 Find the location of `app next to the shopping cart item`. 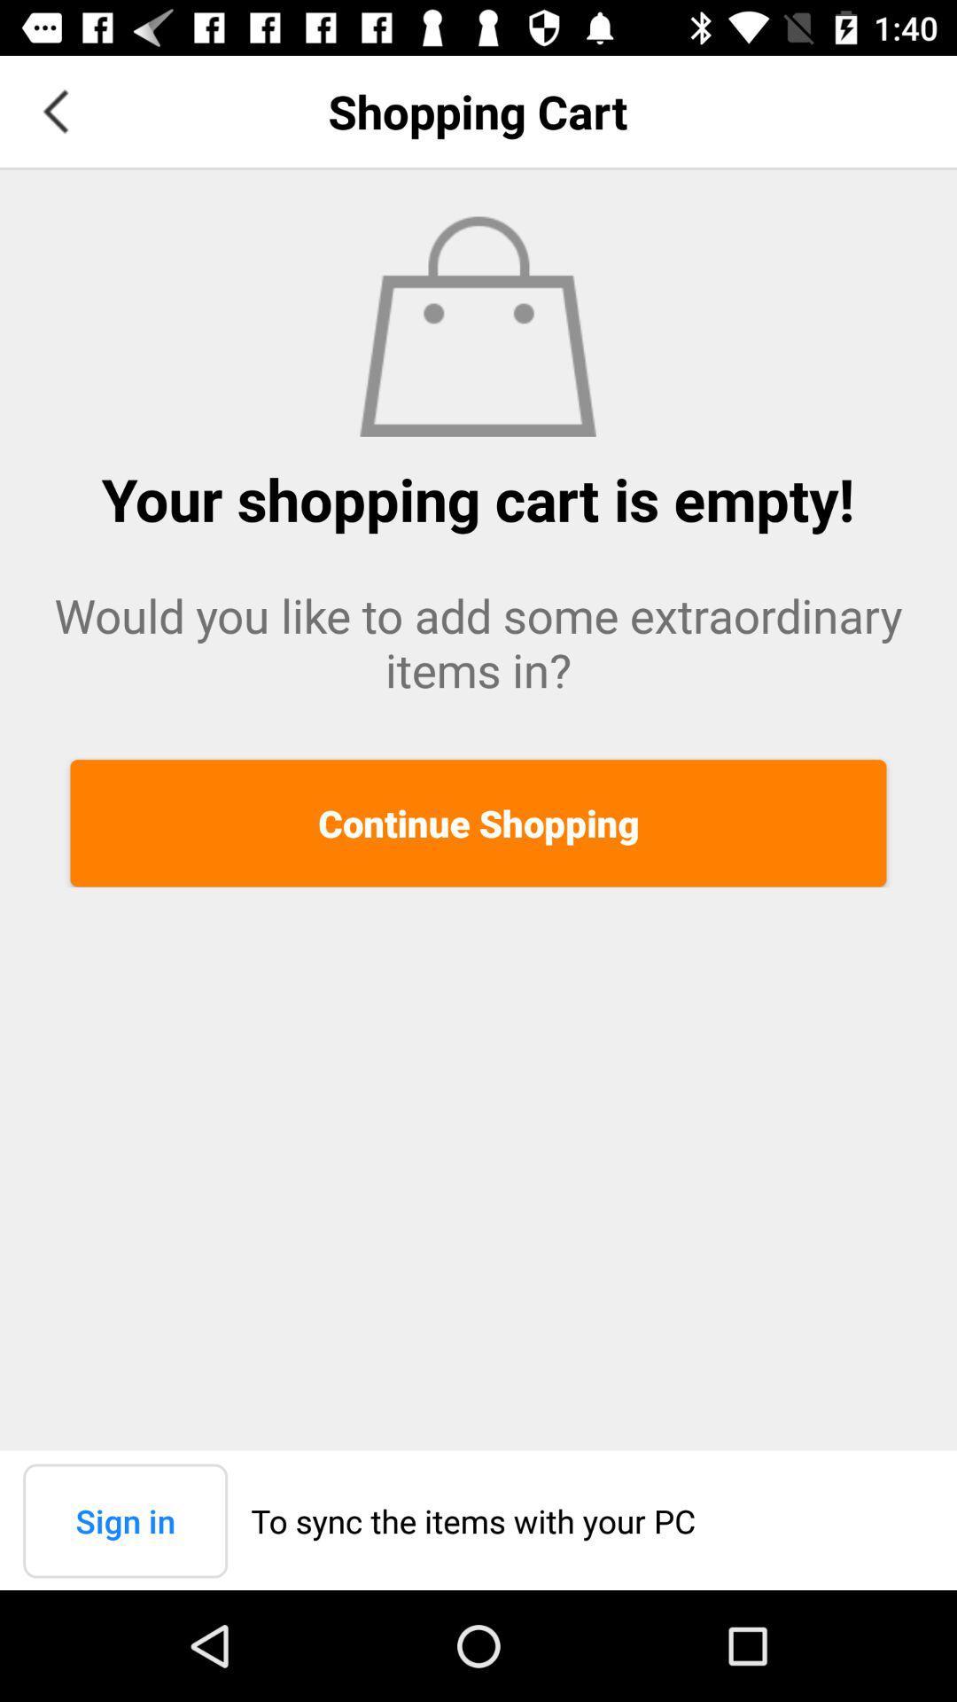

app next to the shopping cart item is located at coordinates (54, 110).